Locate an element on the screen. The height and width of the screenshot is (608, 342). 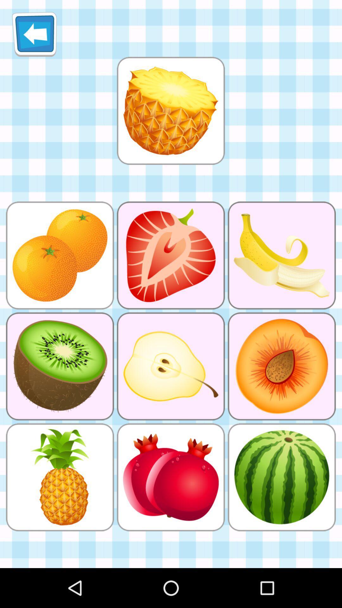
go back is located at coordinates (34, 34).